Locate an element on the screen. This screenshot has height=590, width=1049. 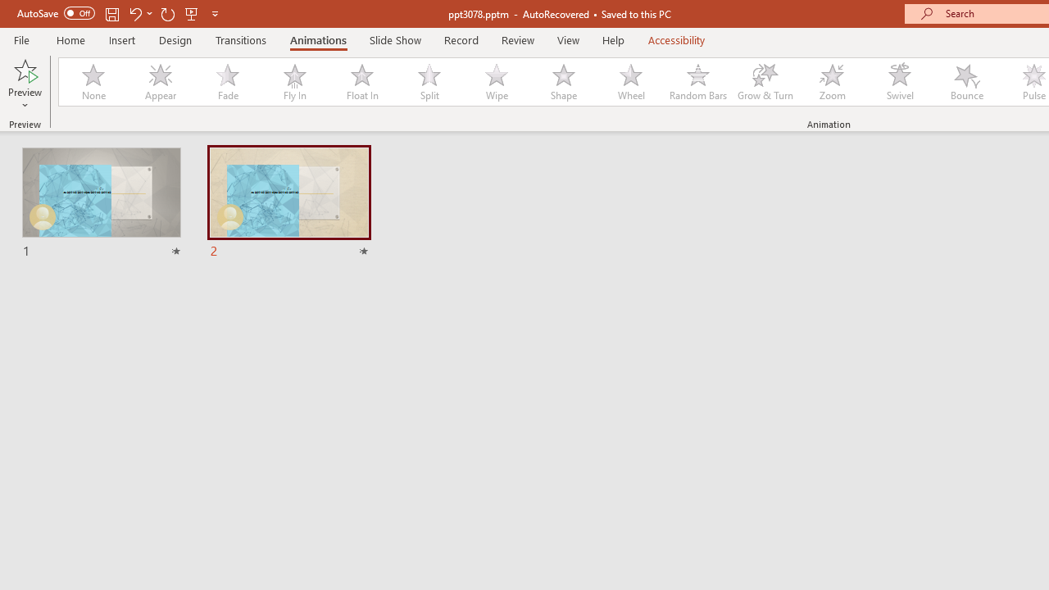
'Wheel' is located at coordinates (630, 82).